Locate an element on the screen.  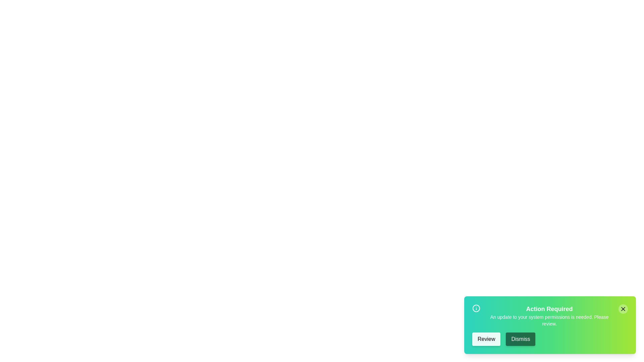
the 'Dismiss' button to close the snackbar is located at coordinates (520, 339).